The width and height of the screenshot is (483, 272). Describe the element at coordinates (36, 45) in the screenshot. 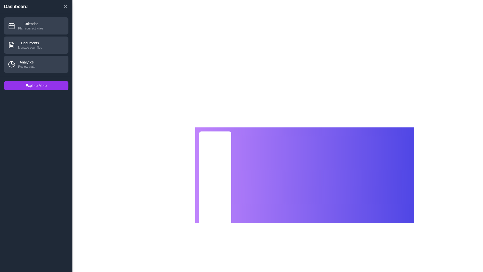

I see `the section Documents by clicking on its list item` at that location.